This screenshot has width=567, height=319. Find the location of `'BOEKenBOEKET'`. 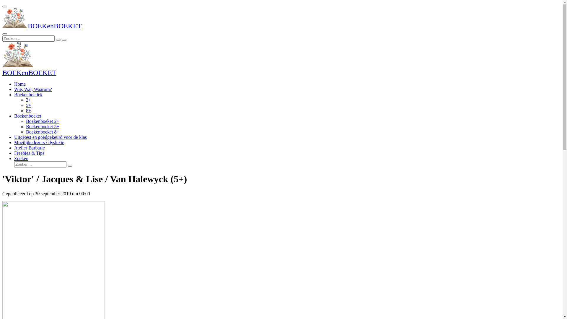

'BOEKenBOEKET' is located at coordinates (29, 73).